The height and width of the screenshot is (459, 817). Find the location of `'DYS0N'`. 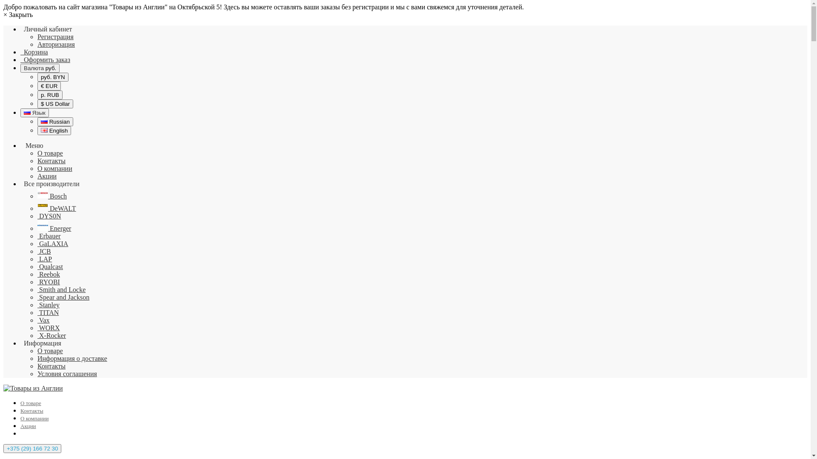

'DYS0N' is located at coordinates (49, 215).